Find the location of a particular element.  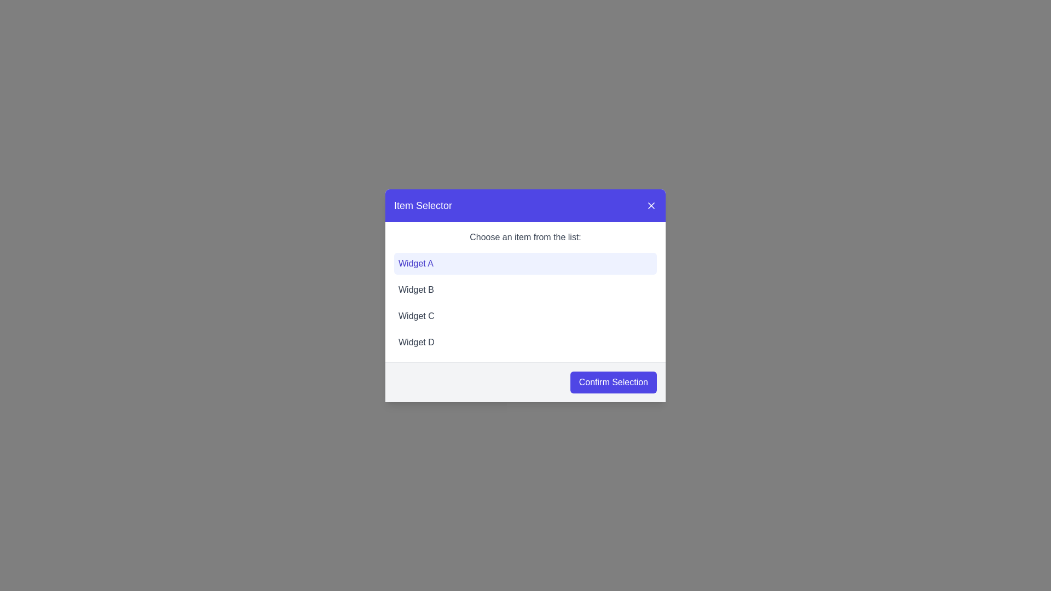

the selectable list item labeled 'Widget B' is located at coordinates (525, 289).